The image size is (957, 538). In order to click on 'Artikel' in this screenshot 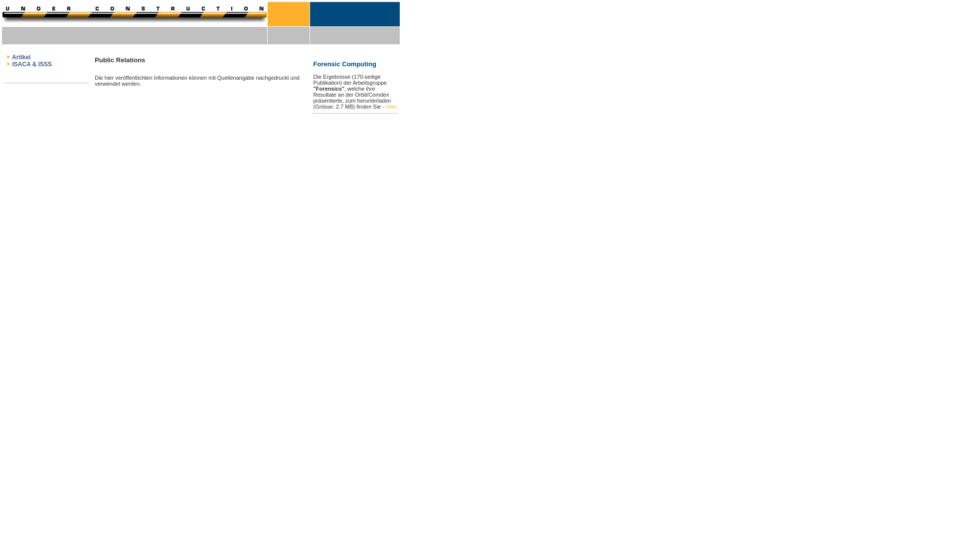, I will do `click(20, 57)`.